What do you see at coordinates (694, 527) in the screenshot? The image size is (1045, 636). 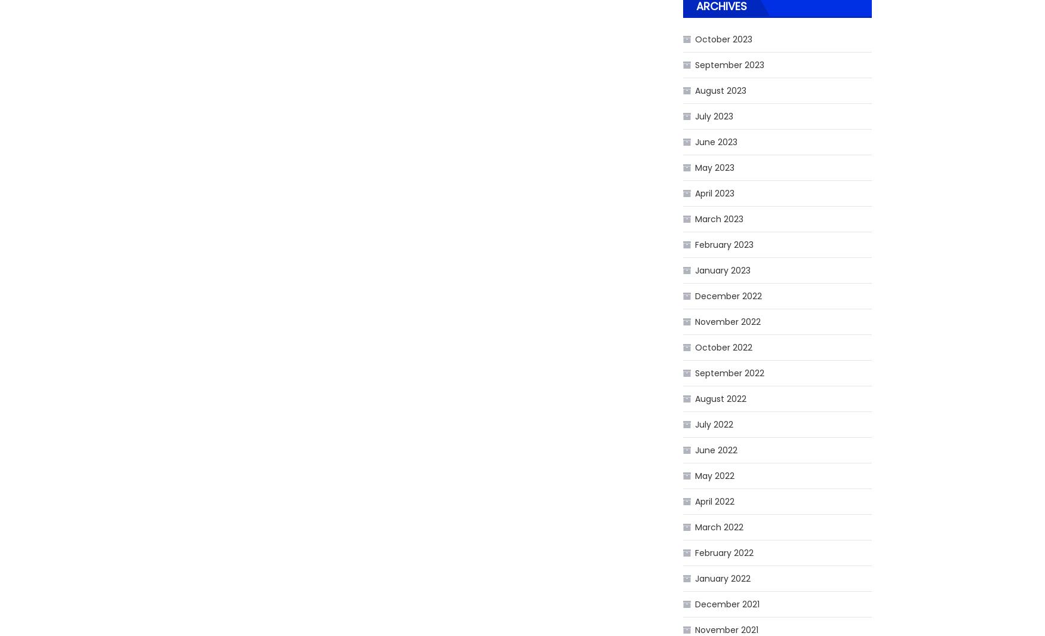 I see `'March 2022'` at bounding box center [694, 527].